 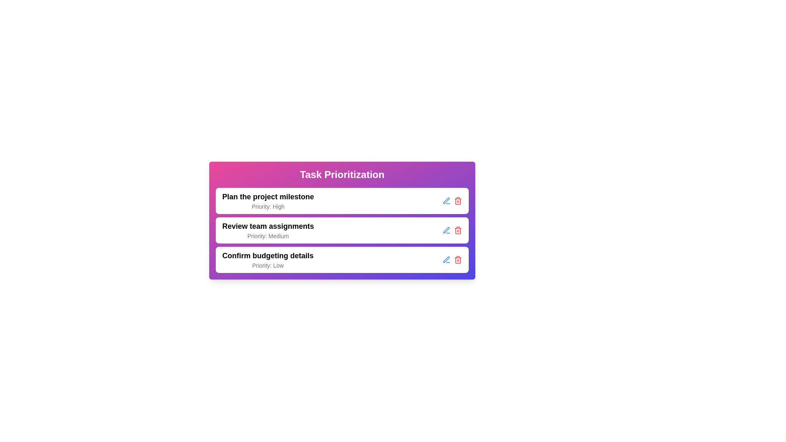 What do you see at coordinates (268, 236) in the screenshot?
I see `the text label that reads 'Priority: Medium', which is styled in a small gray font and positioned beneath the heading 'Review team assignments'` at bounding box center [268, 236].